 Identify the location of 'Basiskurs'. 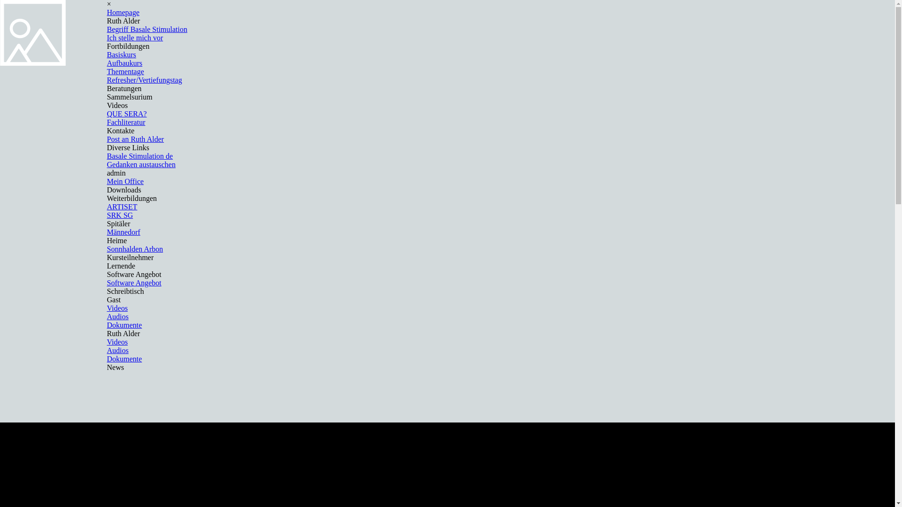
(121, 54).